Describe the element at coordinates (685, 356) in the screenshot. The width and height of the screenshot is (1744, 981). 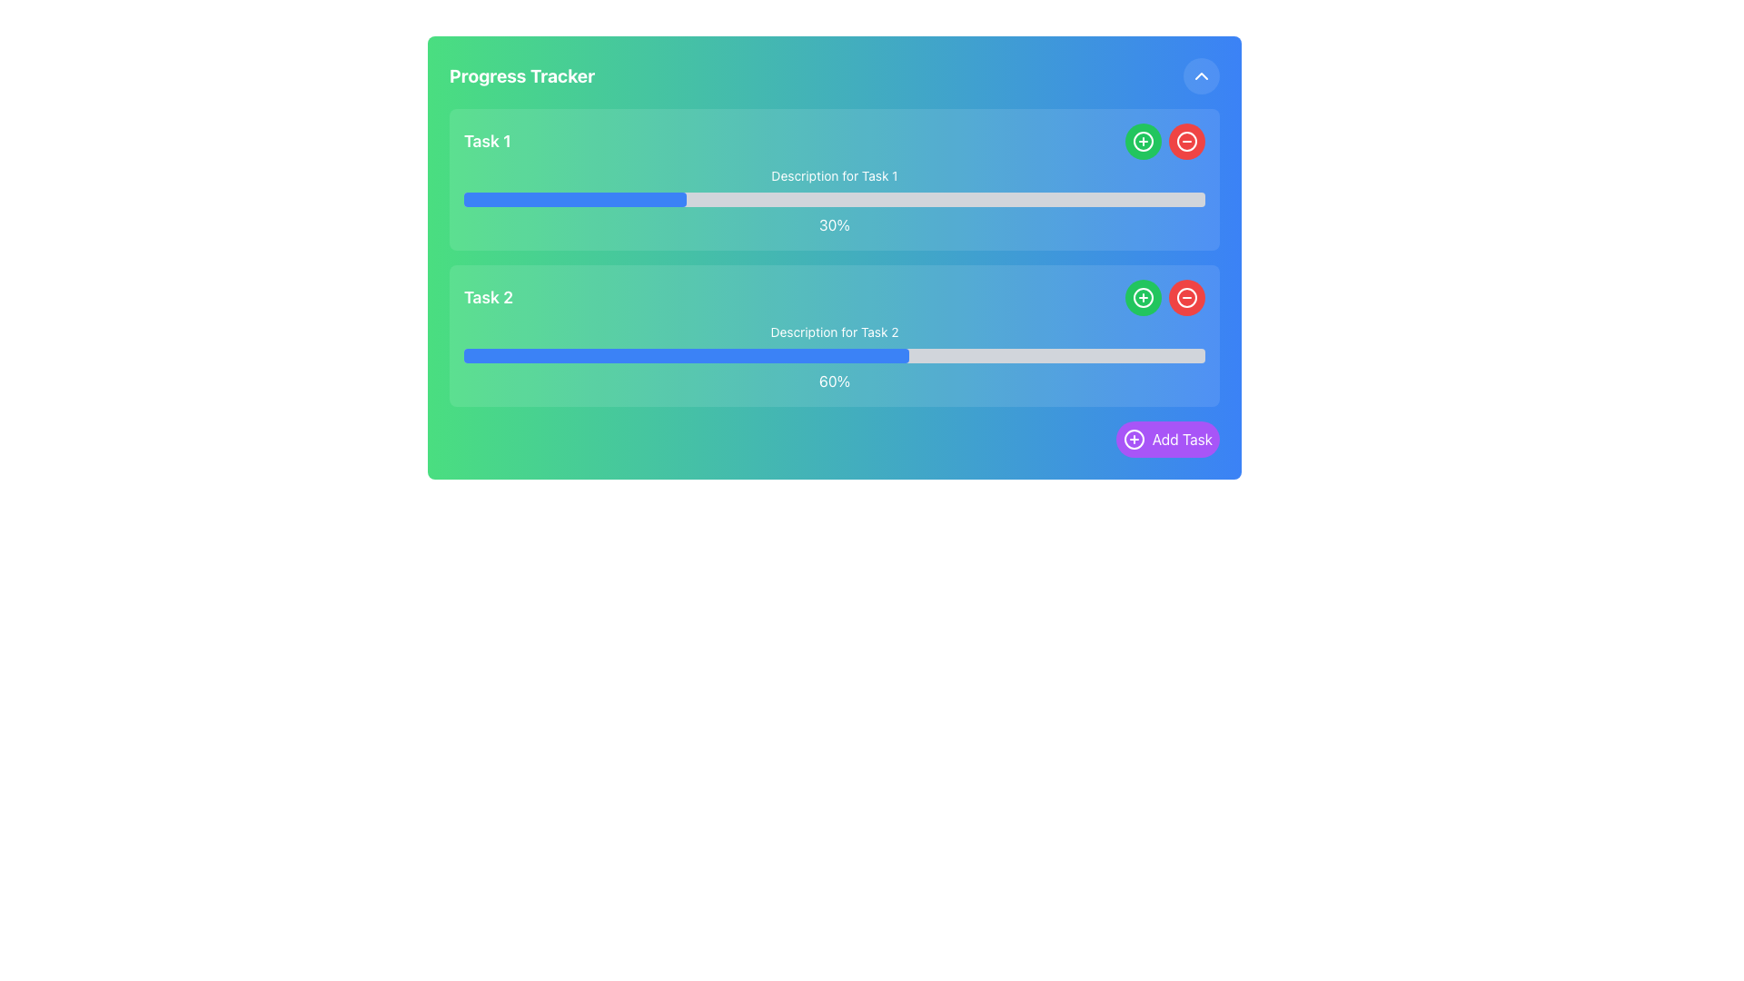
I see `the blue portion of the progress bar indicating 60% completion for 'Task 2', which is located below the 'Description for Task 2' text` at that location.